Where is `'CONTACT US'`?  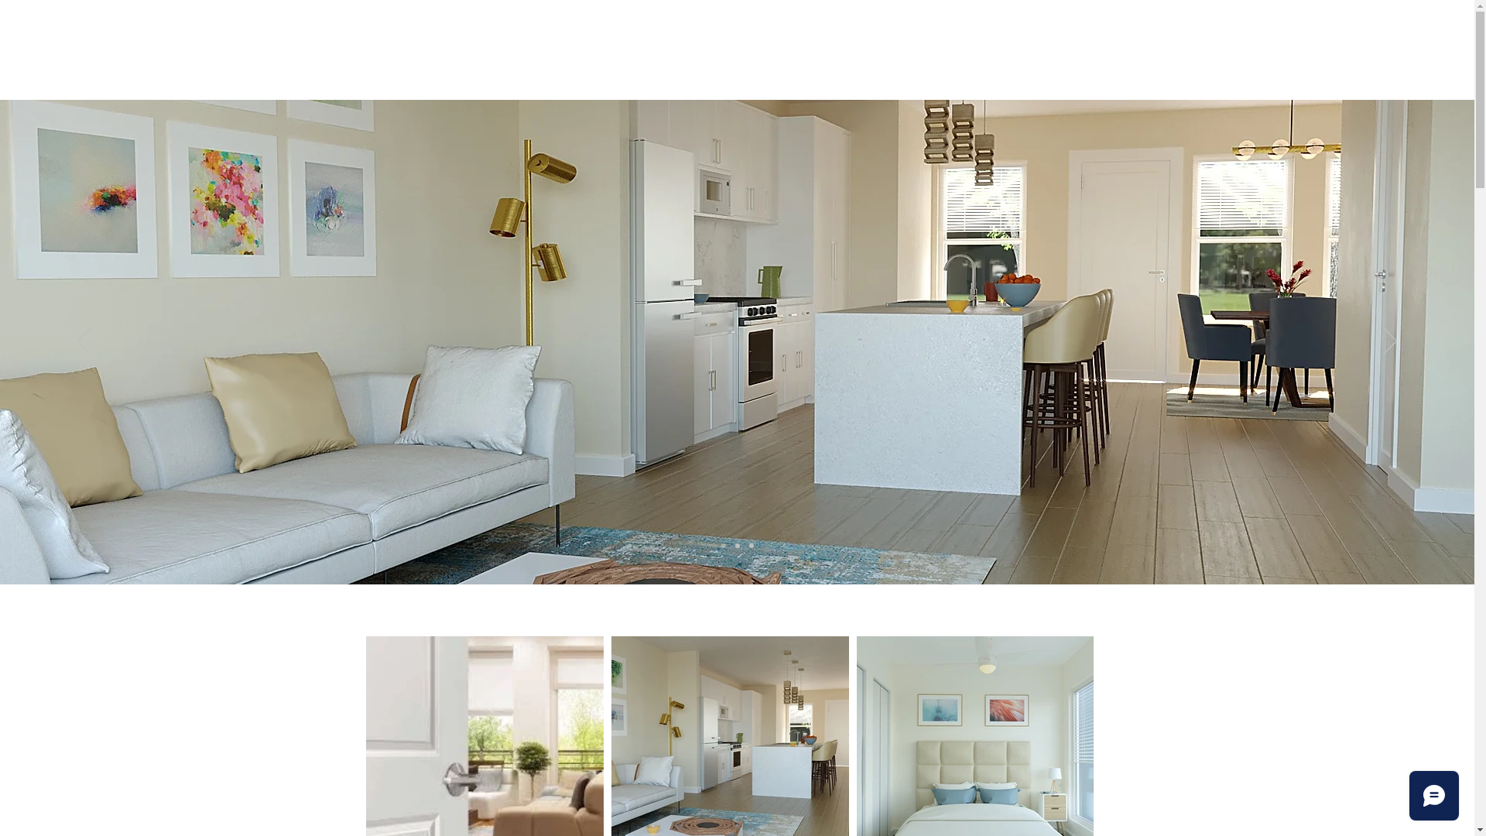 'CONTACT US' is located at coordinates (1053, 81).